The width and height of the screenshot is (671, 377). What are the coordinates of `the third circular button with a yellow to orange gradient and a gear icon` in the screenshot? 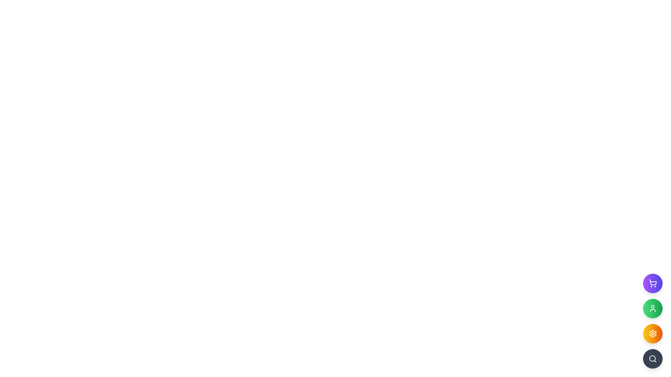 It's located at (652, 321).